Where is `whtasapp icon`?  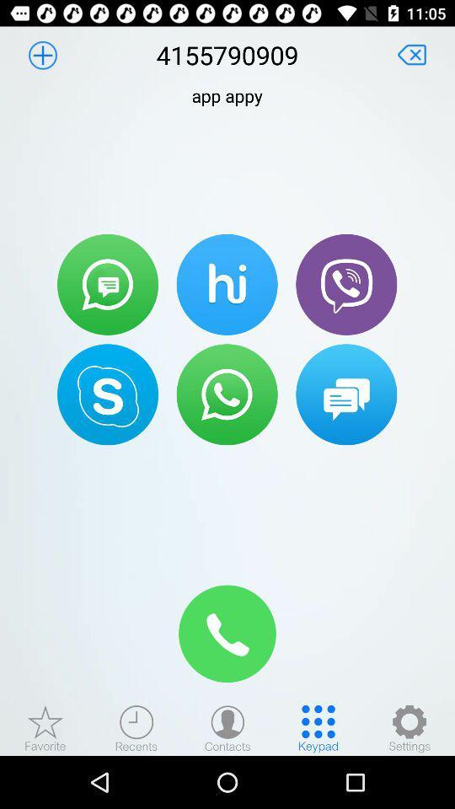
whtasapp icon is located at coordinates (227, 394).